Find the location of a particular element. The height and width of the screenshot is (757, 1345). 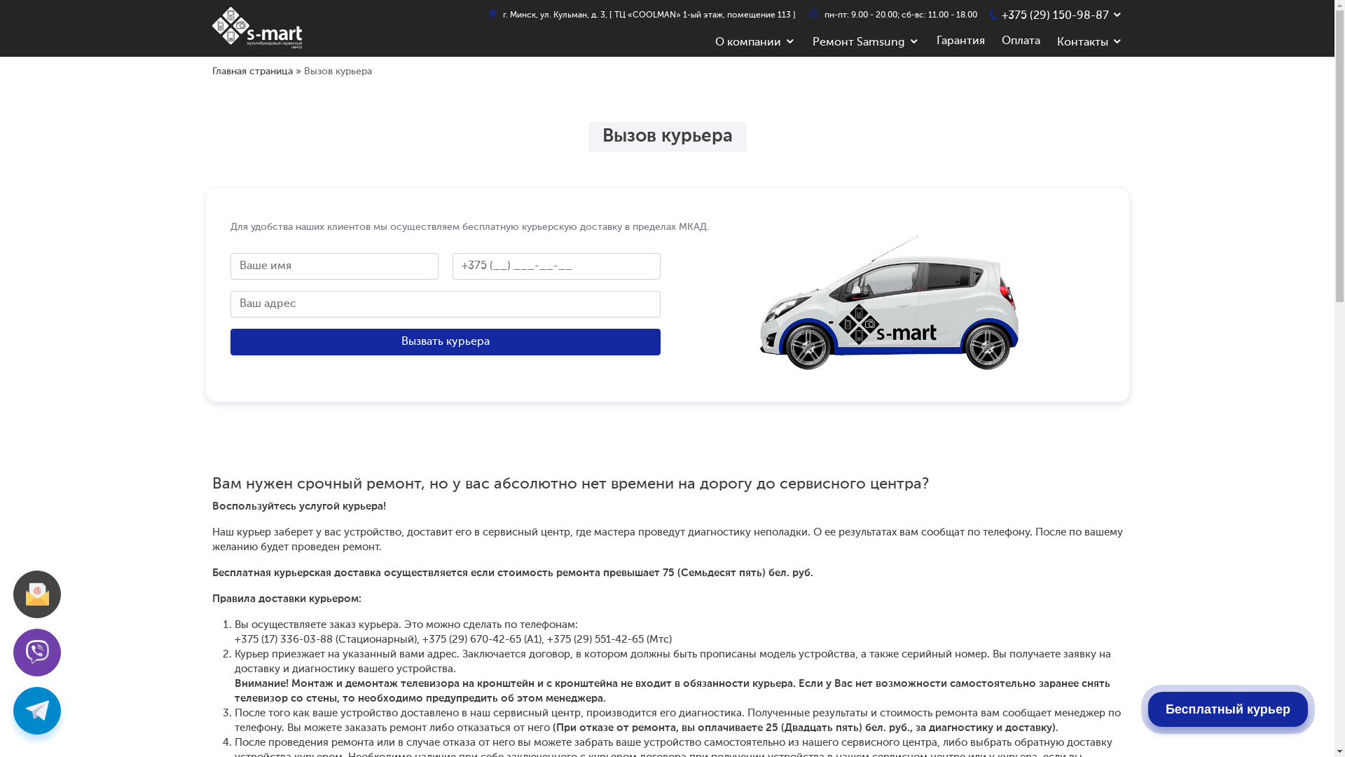

'+375 (29) 150-98-87' is located at coordinates (1055, 16).